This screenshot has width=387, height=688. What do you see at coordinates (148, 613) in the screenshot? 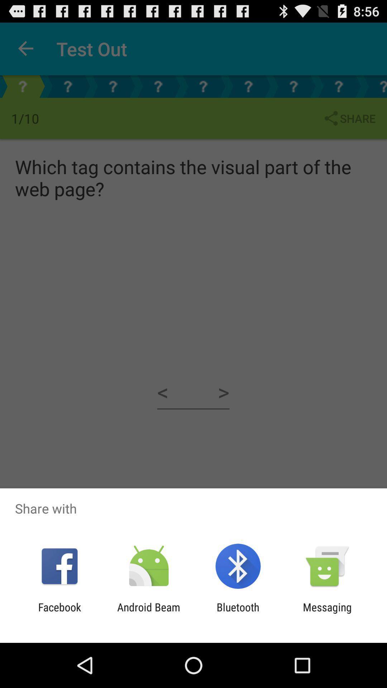
I see `the app to the left of bluetooth` at bounding box center [148, 613].